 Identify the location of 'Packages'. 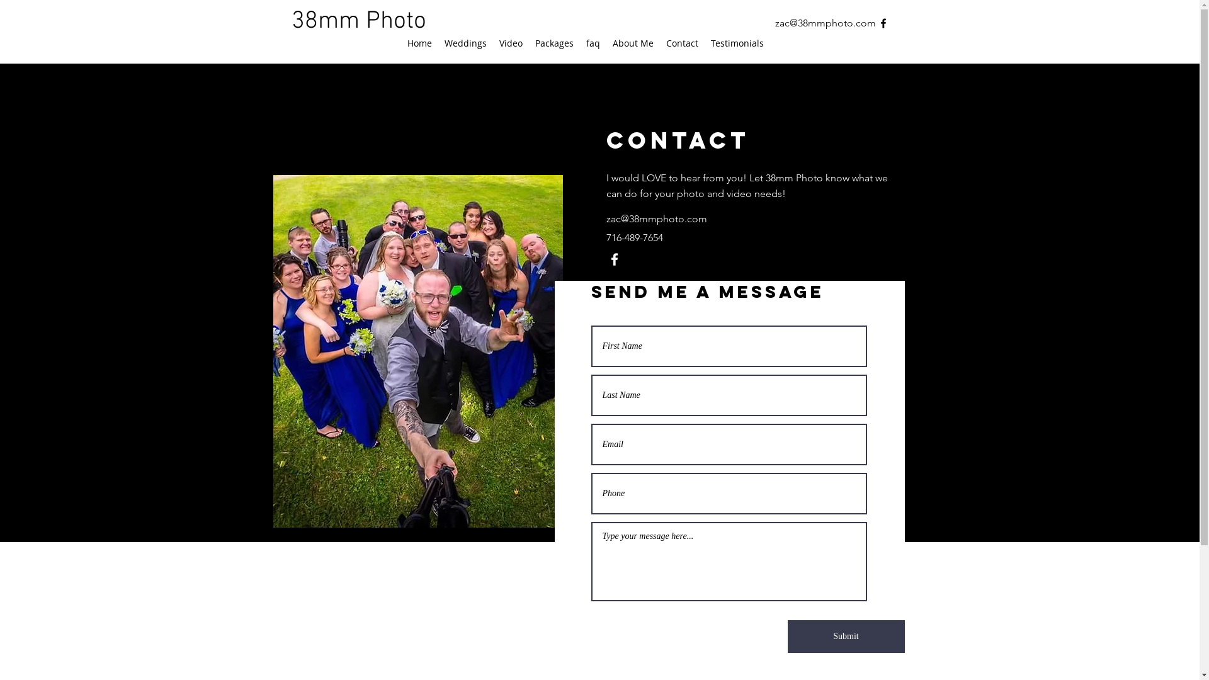
(554, 43).